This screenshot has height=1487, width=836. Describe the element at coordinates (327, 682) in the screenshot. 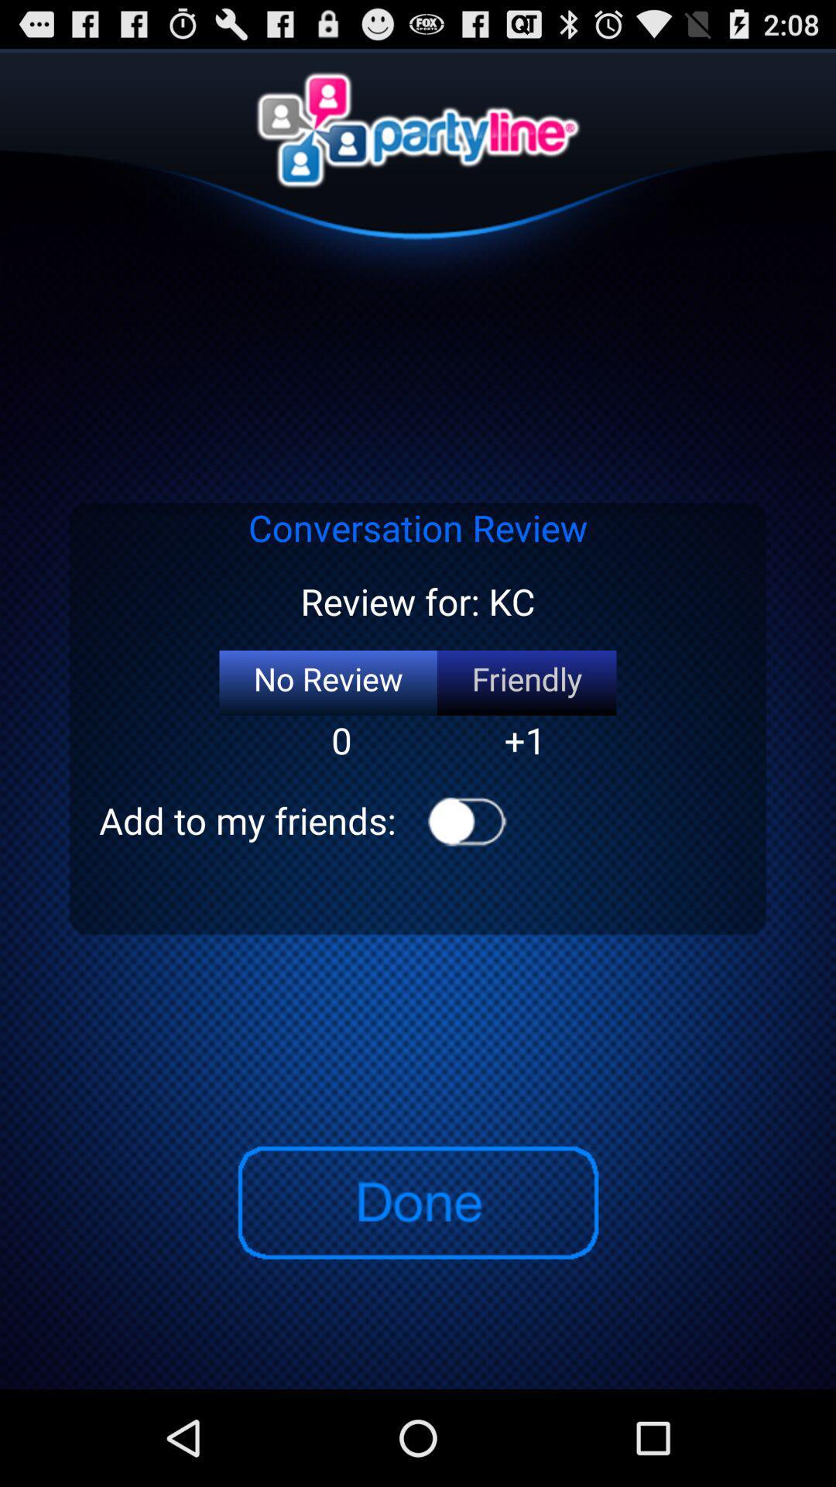

I see `icon above the 0` at that location.